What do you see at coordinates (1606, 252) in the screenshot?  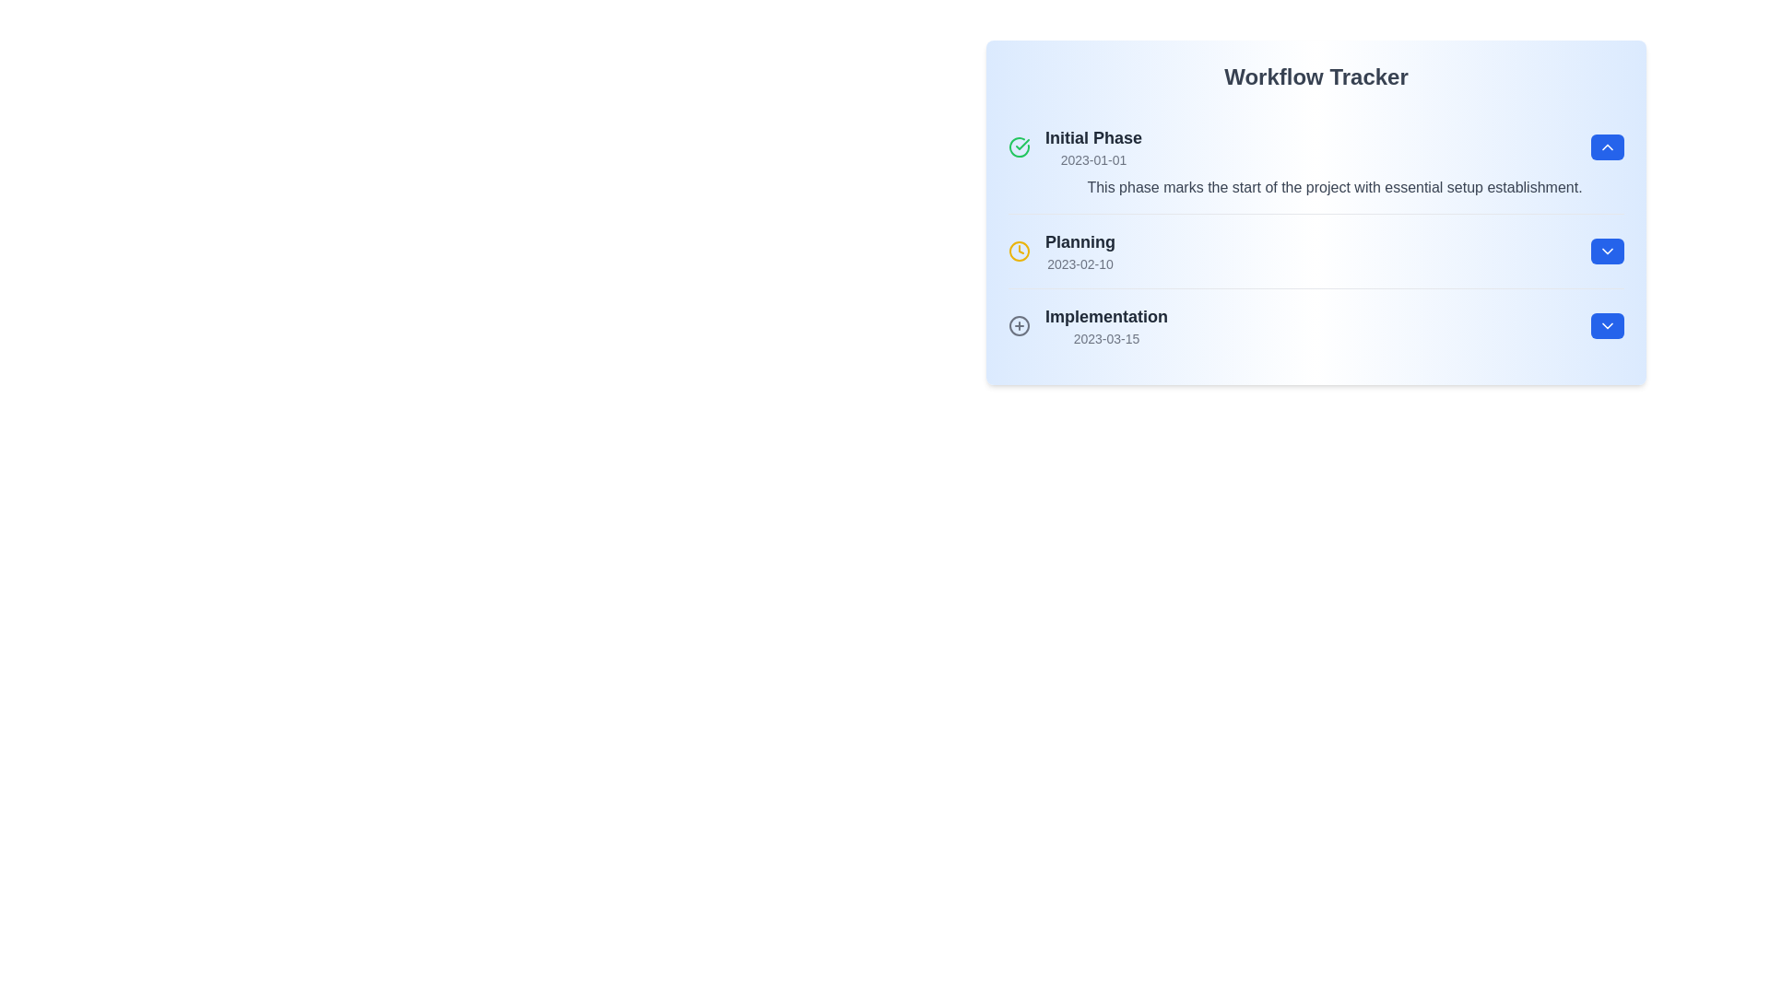 I see `the dropdown toggle button located in the 'Planning' section next to the text '2023-02-10'` at bounding box center [1606, 252].